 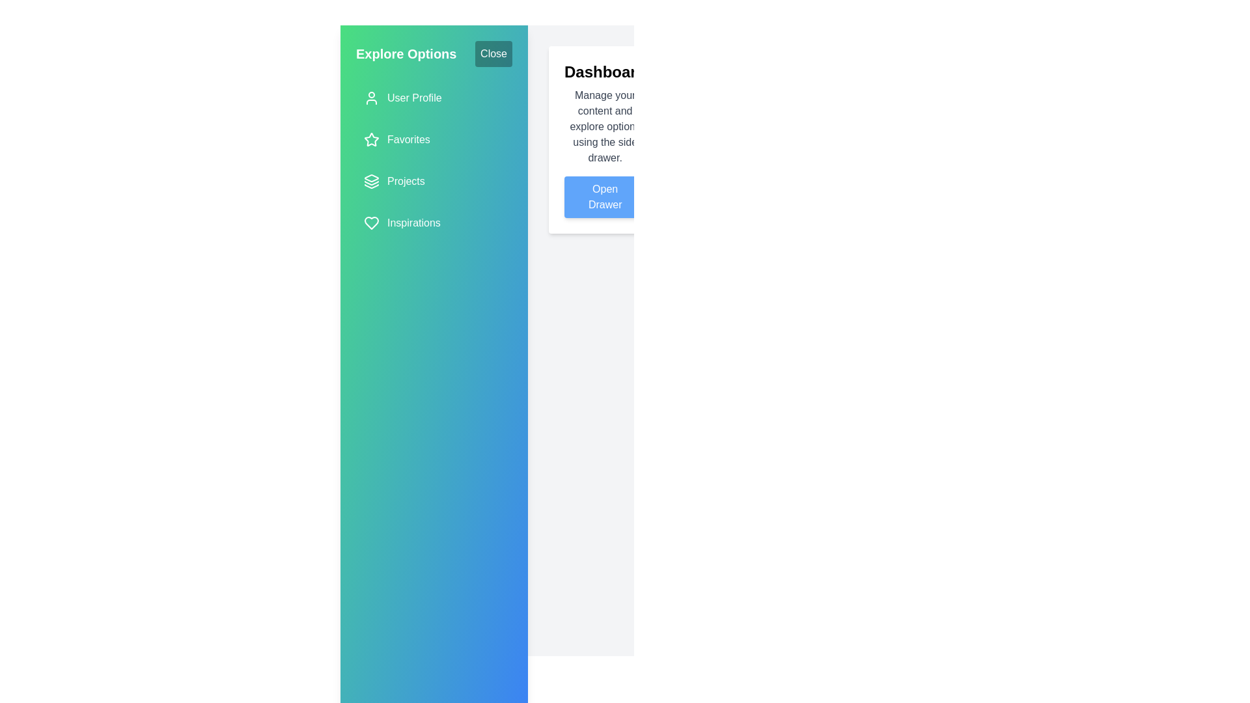 I want to click on the 'Close' button to toggle the drawer closed, so click(x=493, y=53).